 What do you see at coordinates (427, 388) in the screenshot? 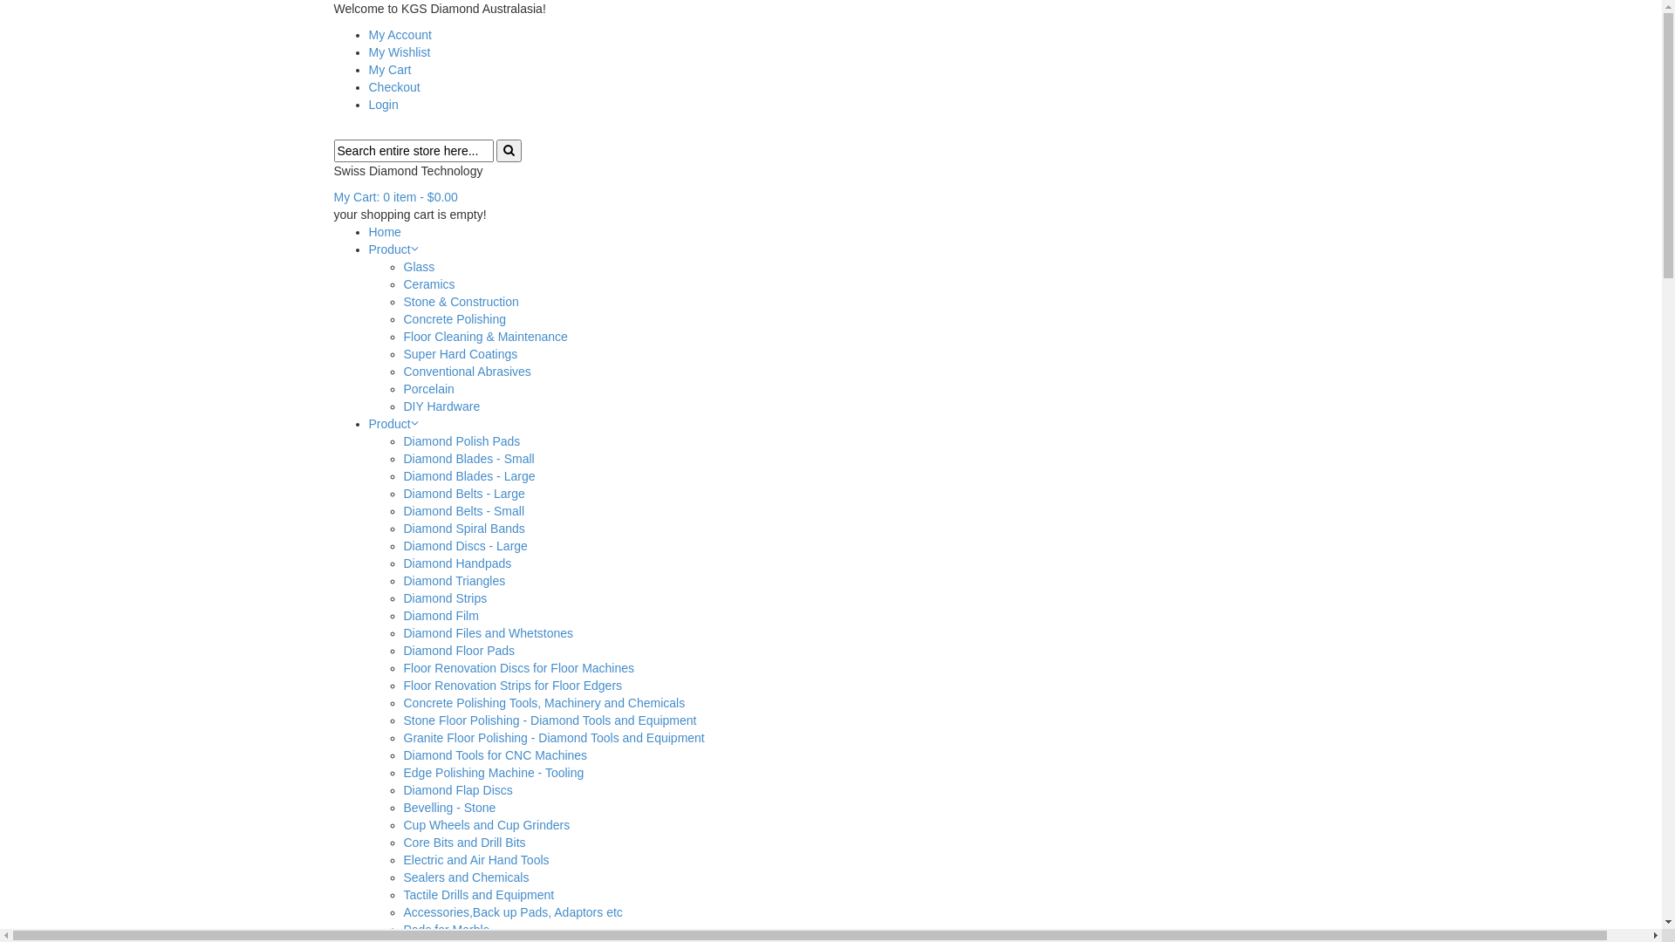
I see `'Porcelain'` at bounding box center [427, 388].